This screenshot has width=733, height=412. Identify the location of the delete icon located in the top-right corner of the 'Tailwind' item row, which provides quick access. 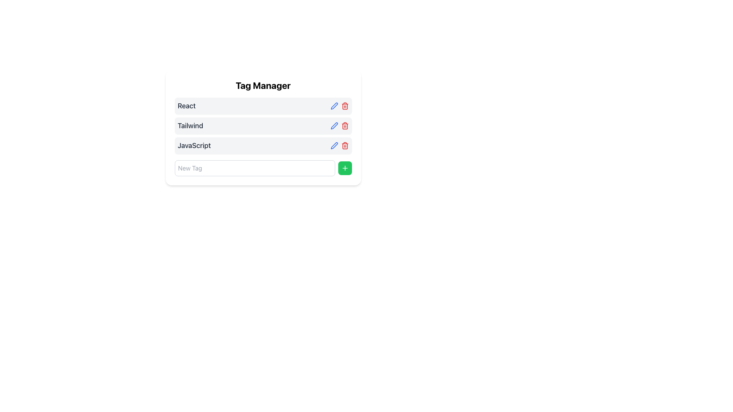
(339, 126).